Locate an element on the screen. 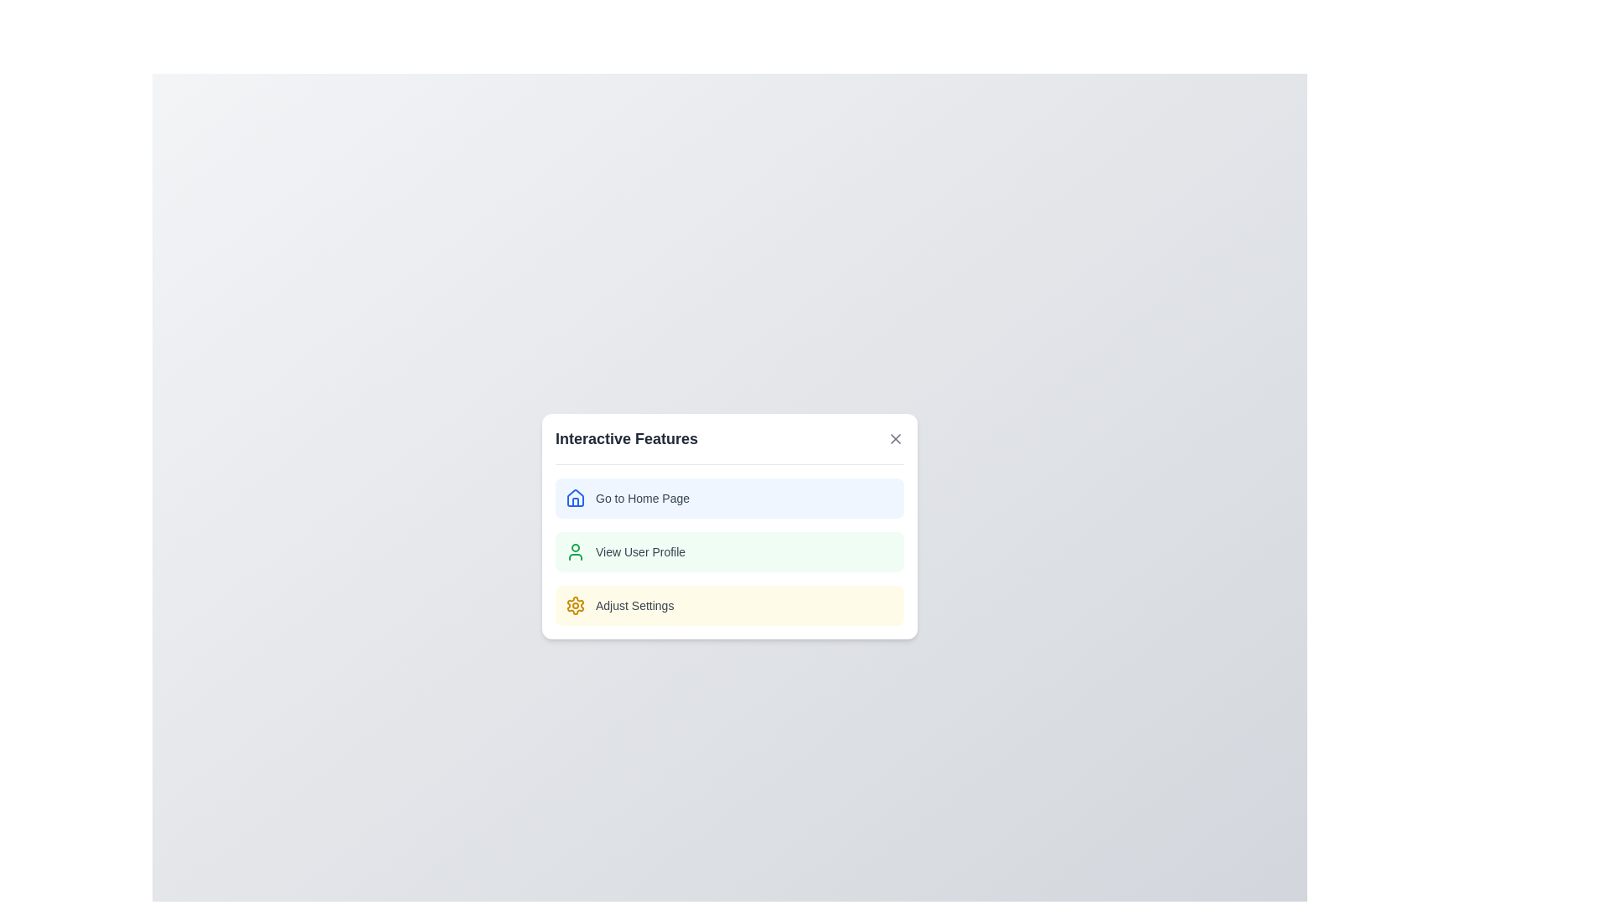 The height and width of the screenshot is (905, 1609). the outlined blue house icon at the top of the 'Interactive Features' dialog box, which is associated with the 'Go to Home Page' label is located at coordinates (575, 497).